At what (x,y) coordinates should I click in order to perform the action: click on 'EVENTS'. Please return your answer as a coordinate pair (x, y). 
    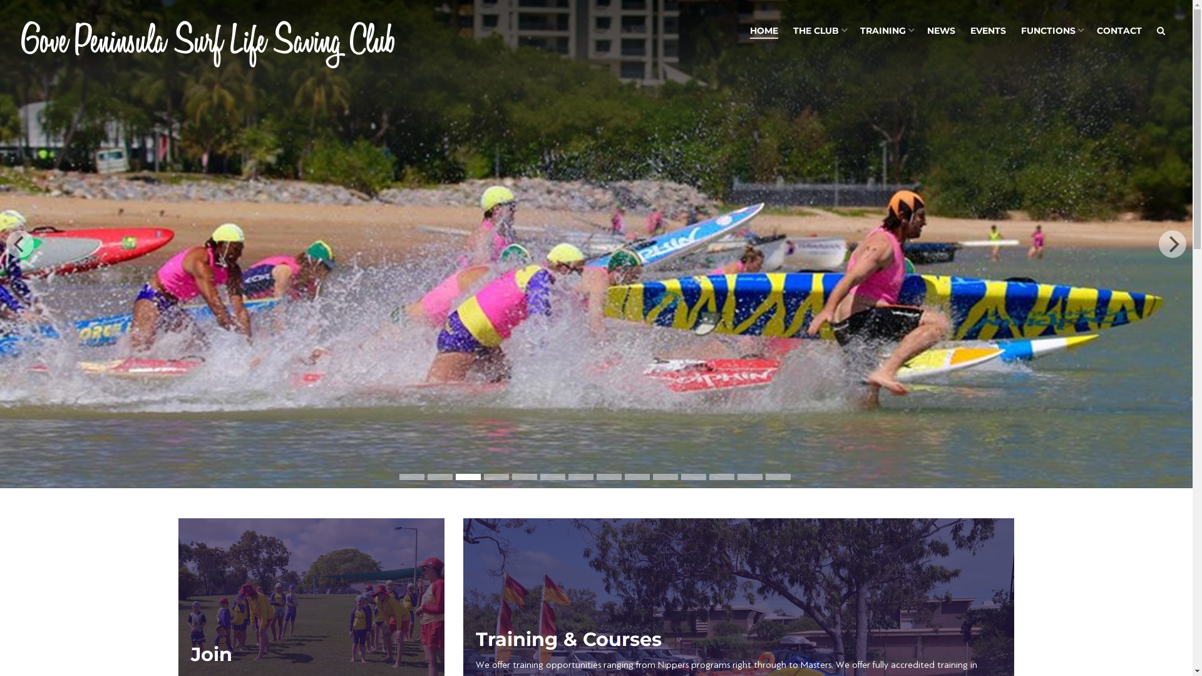
    Looking at the image, I should click on (987, 30).